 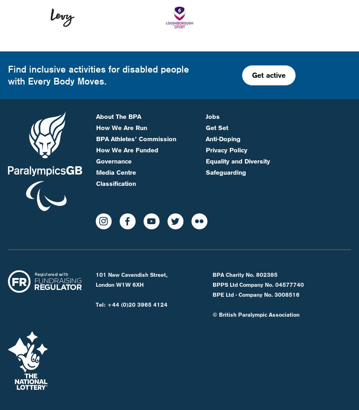 What do you see at coordinates (126, 123) in the screenshot?
I see `'How We Are Funded'` at bounding box center [126, 123].